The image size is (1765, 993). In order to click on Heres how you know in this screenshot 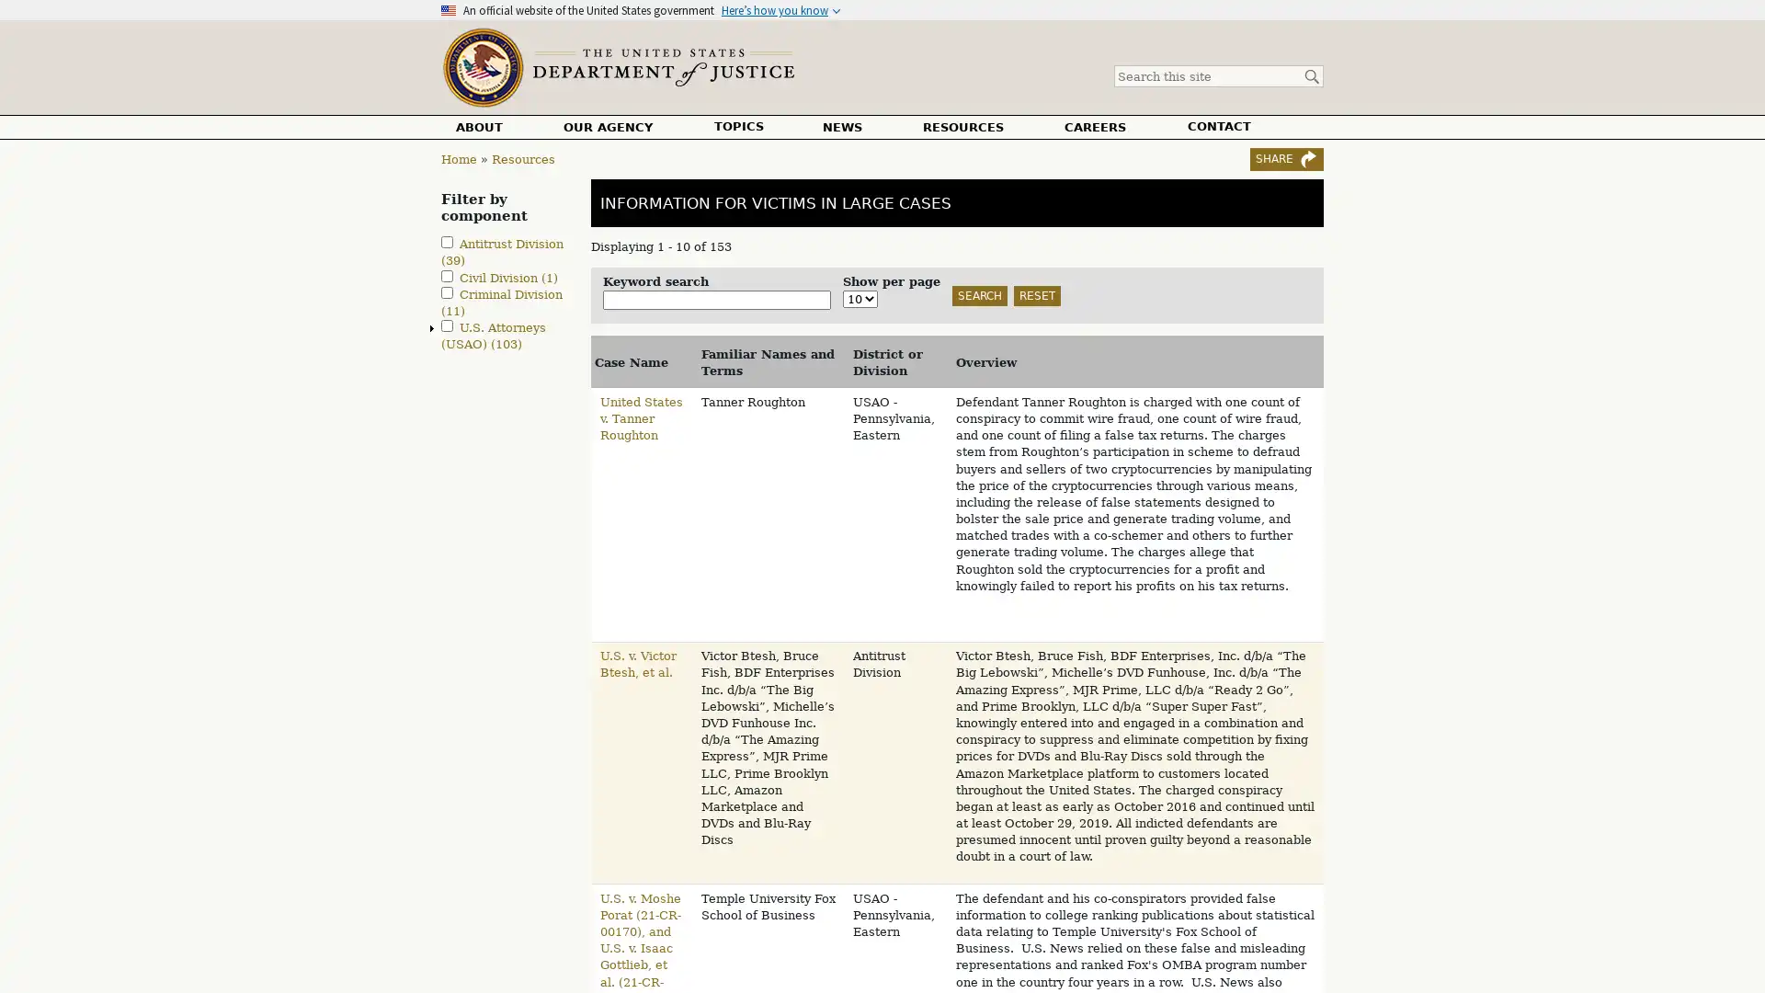, I will do `click(780, 10)`.